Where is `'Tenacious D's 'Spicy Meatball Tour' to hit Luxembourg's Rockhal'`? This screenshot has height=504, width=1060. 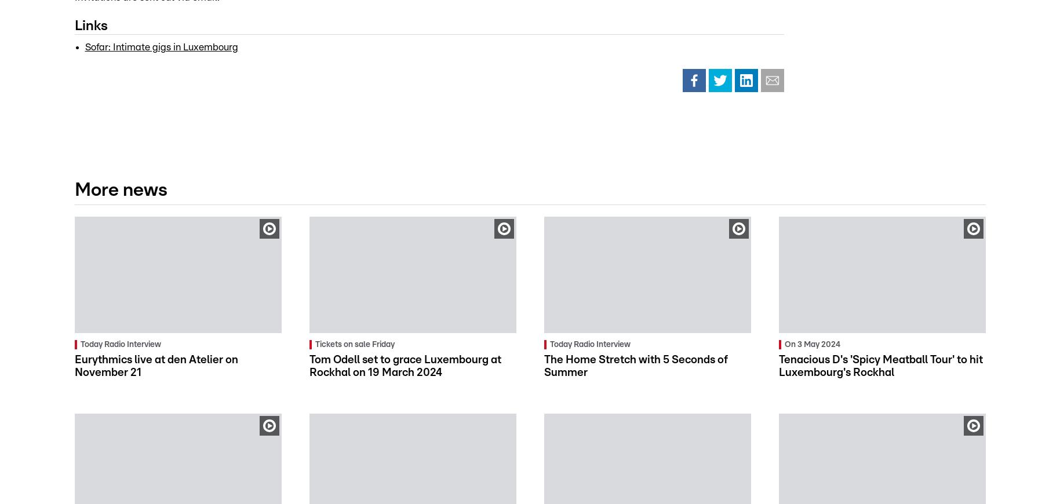 'Tenacious D's 'Spicy Meatball Tour' to hit Luxembourg's Rockhal' is located at coordinates (879, 365).